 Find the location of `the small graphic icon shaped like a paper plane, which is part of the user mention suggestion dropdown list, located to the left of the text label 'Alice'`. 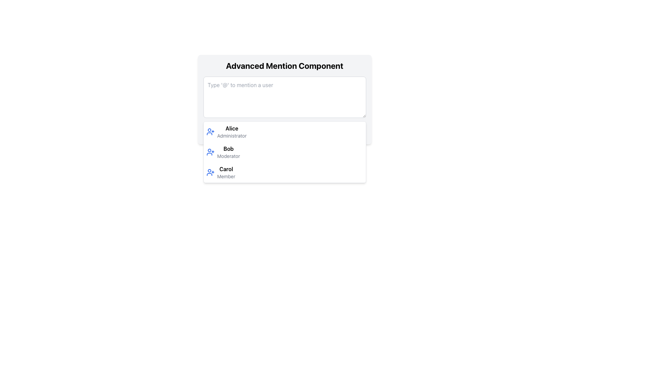

the small graphic icon shaped like a paper plane, which is part of the user mention suggestion dropdown list, located to the left of the text label 'Alice' is located at coordinates (212, 132).